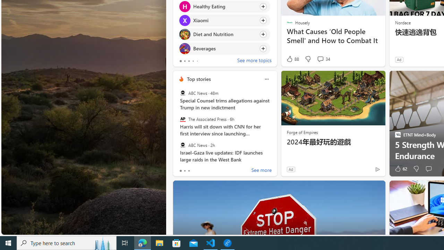 This screenshot has height=250, width=444. Describe the element at coordinates (400, 169) in the screenshot. I see `'62 Like'` at that location.